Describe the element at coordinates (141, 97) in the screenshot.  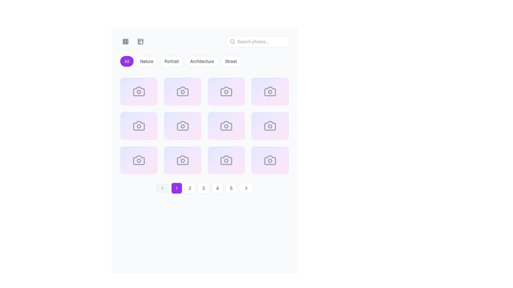
I see `the sharing icon located inside a circular button near the center of the top-left grid item to initiate sharing` at that location.